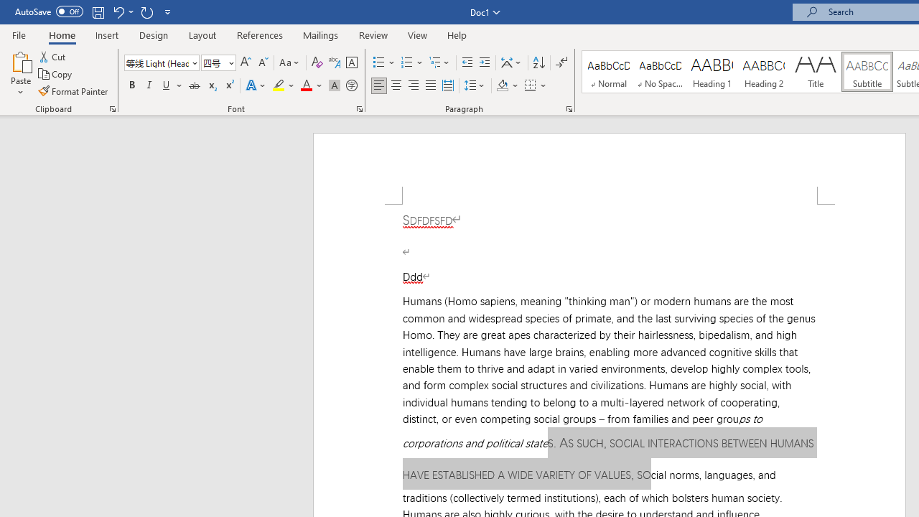  Describe the element at coordinates (475, 85) in the screenshot. I see `'Line and Paragraph Spacing'` at that location.